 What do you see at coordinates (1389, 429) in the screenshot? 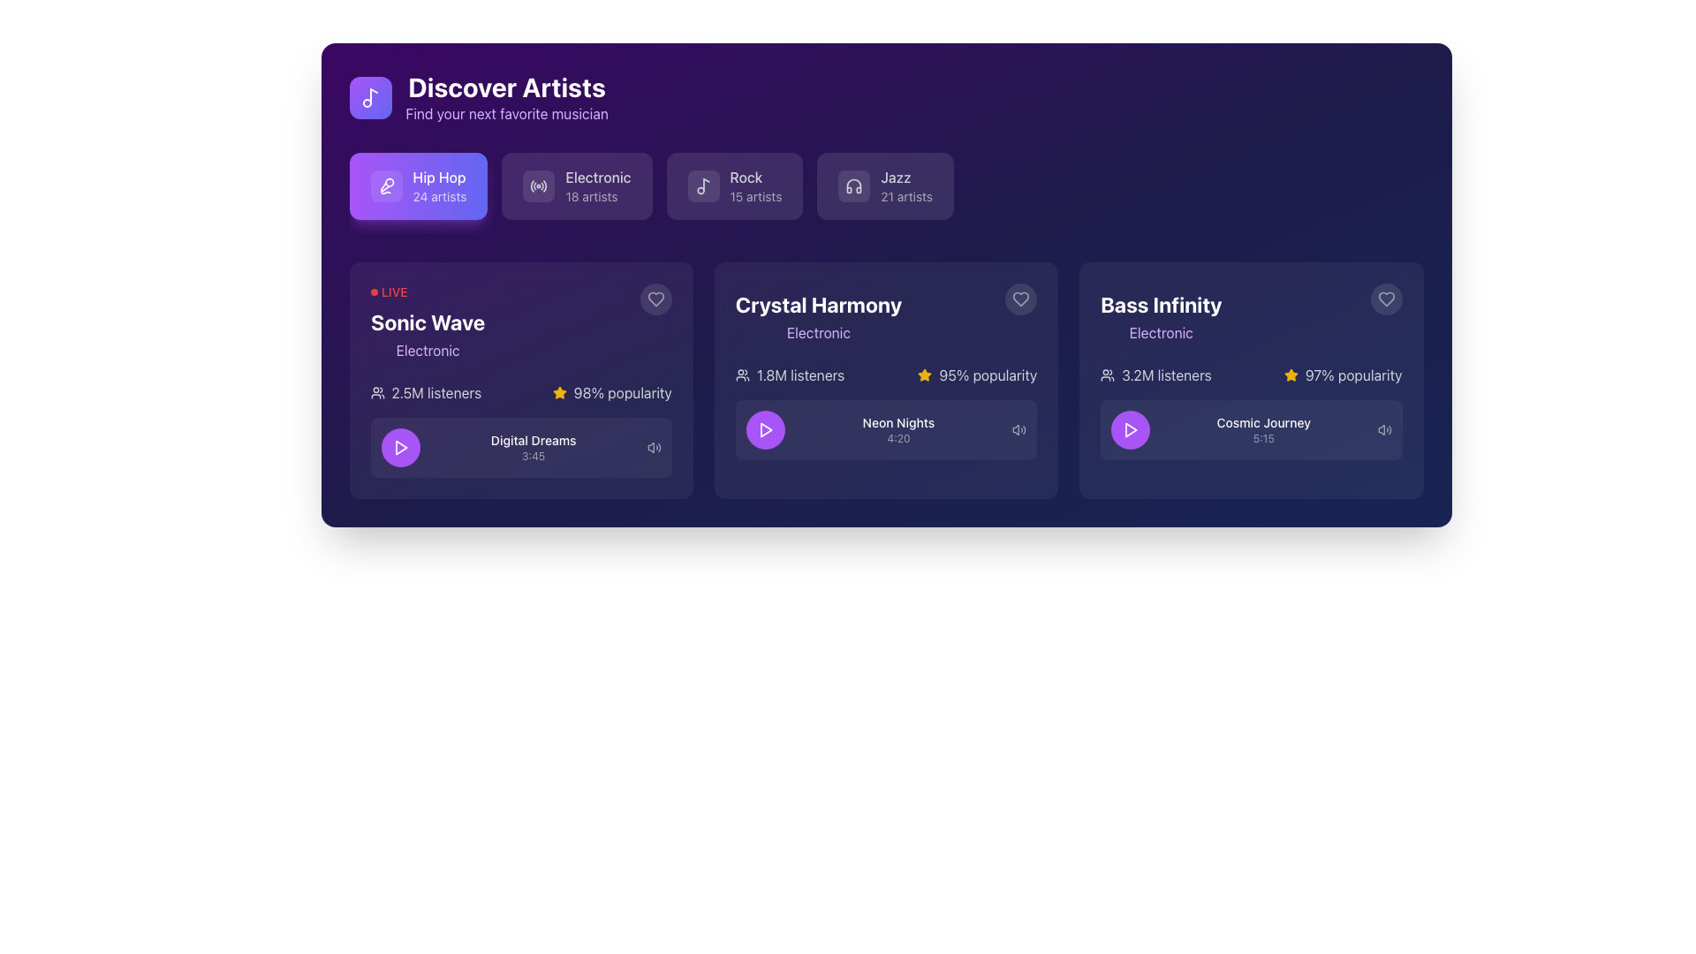
I see `the outermost curved line of the volume control icon representing sound waves, which is the third and furthest outward stroke in the SVG design, located in the bottom-right corner of the 'Bass Infinity' card` at bounding box center [1389, 429].